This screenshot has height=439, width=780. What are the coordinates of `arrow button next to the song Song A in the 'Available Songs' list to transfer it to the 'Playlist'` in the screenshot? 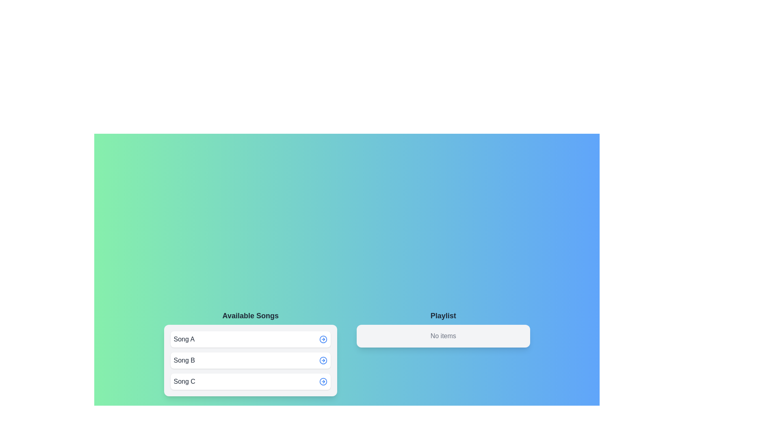 It's located at (323, 339).